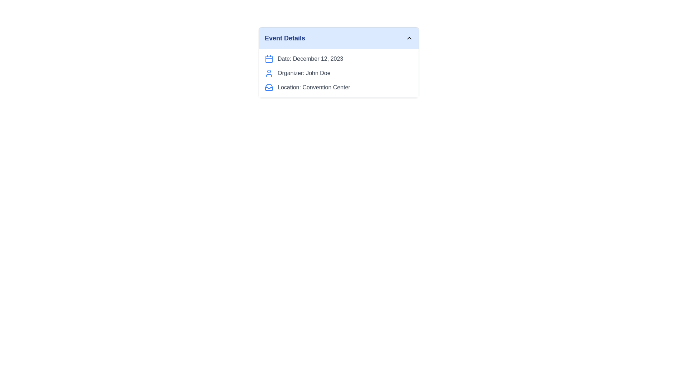 This screenshot has width=687, height=386. What do you see at coordinates (338, 59) in the screenshot?
I see `the informational label that provides the date of the event, located at the top-left of the 'Event Details' section within a light-colored card` at bounding box center [338, 59].